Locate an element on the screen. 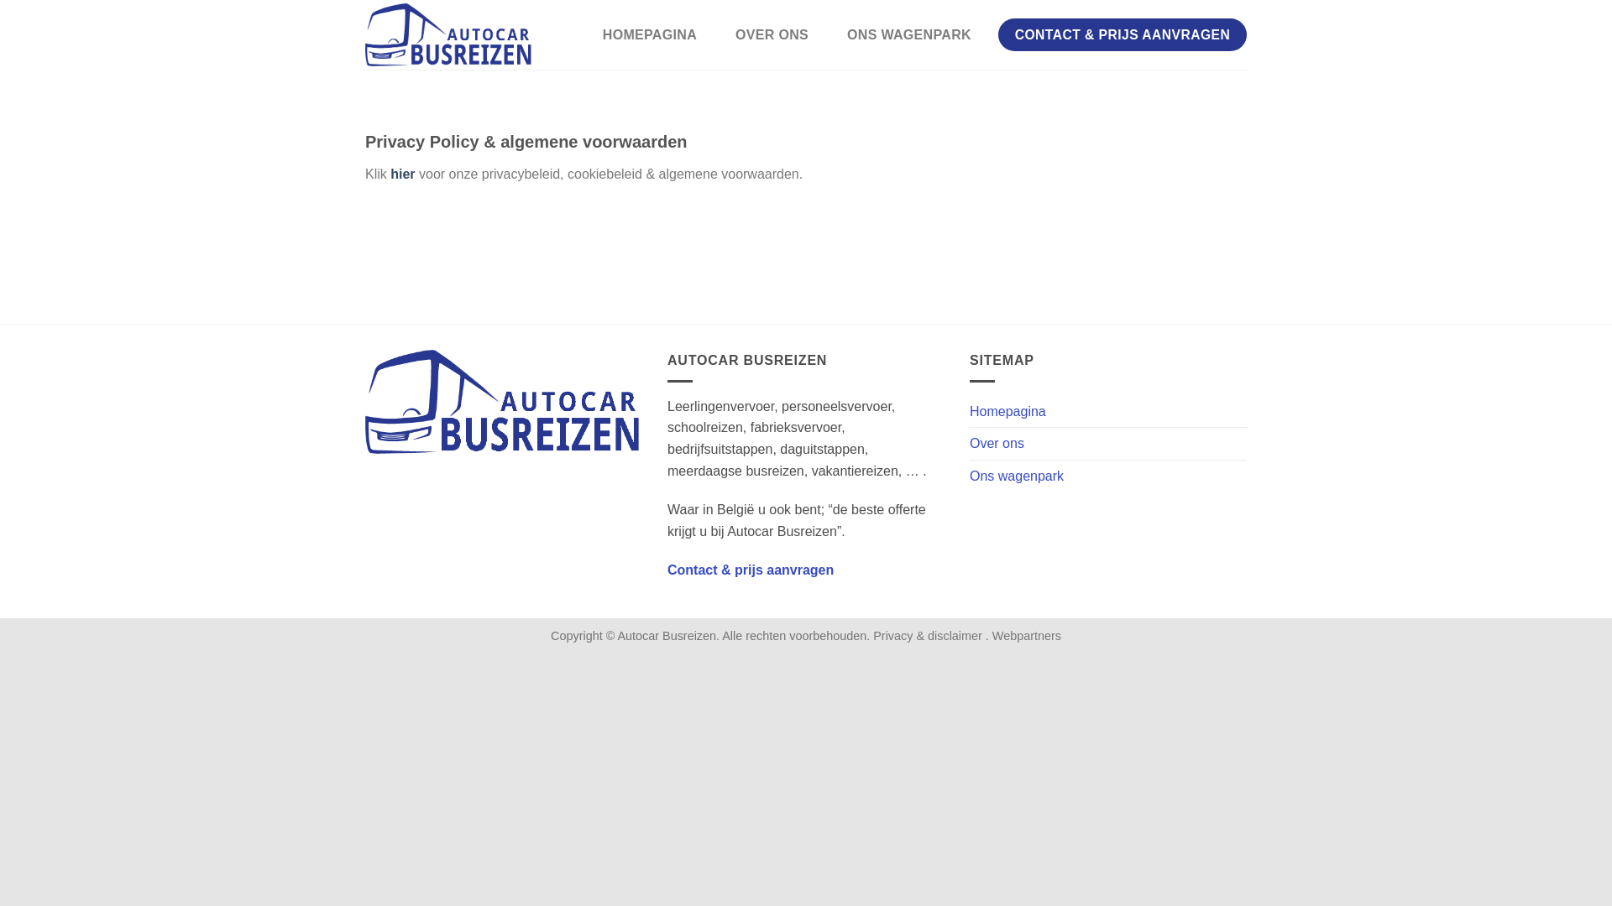 The width and height of the screenshot is (1612, 906). 'Over ons' is located at coordinates (997, 442).